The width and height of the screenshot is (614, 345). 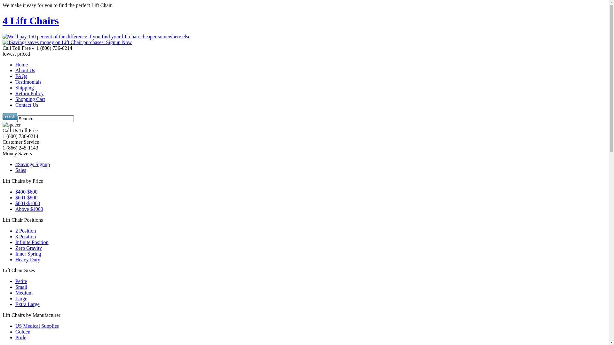 I want to click on 'Medium', so click(x=24, y=293).